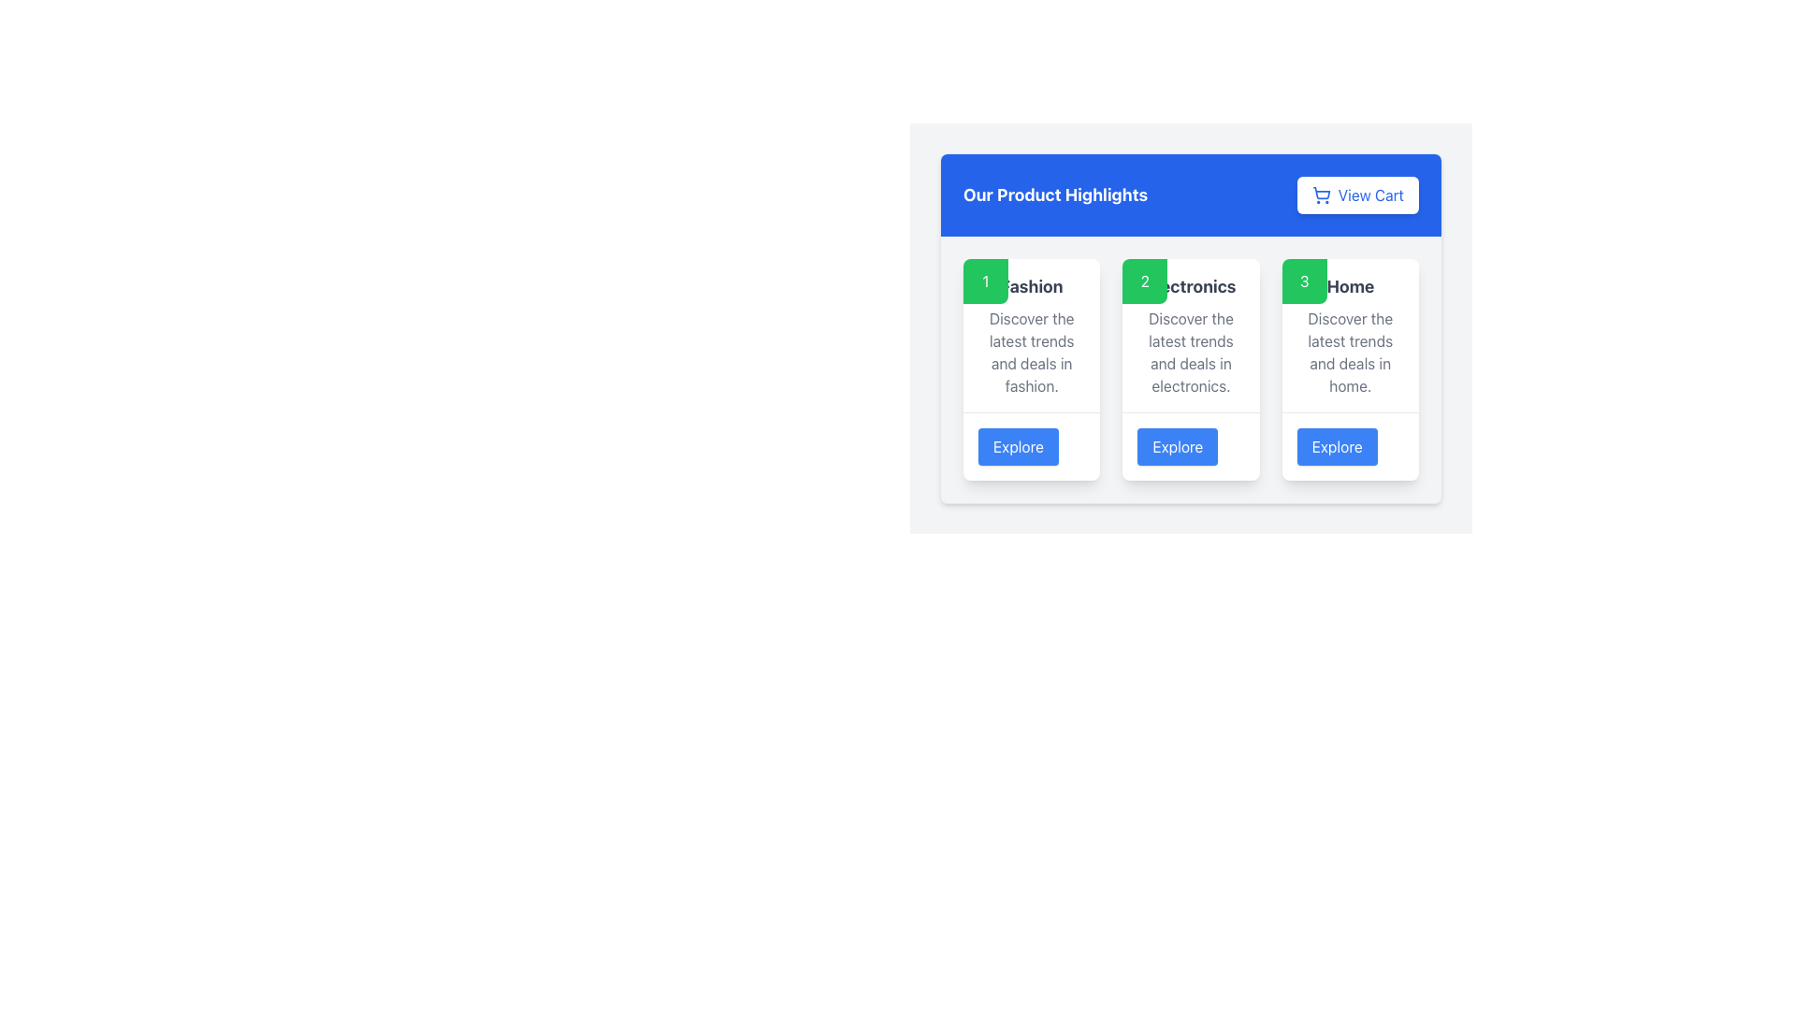 This screenshot has width=1796, height=1010. I want to click on the 'Explore' button located at the bottom of the first card in a horizontally arranged set of three cards, making it keyboard accessible, so click(1018, 447).